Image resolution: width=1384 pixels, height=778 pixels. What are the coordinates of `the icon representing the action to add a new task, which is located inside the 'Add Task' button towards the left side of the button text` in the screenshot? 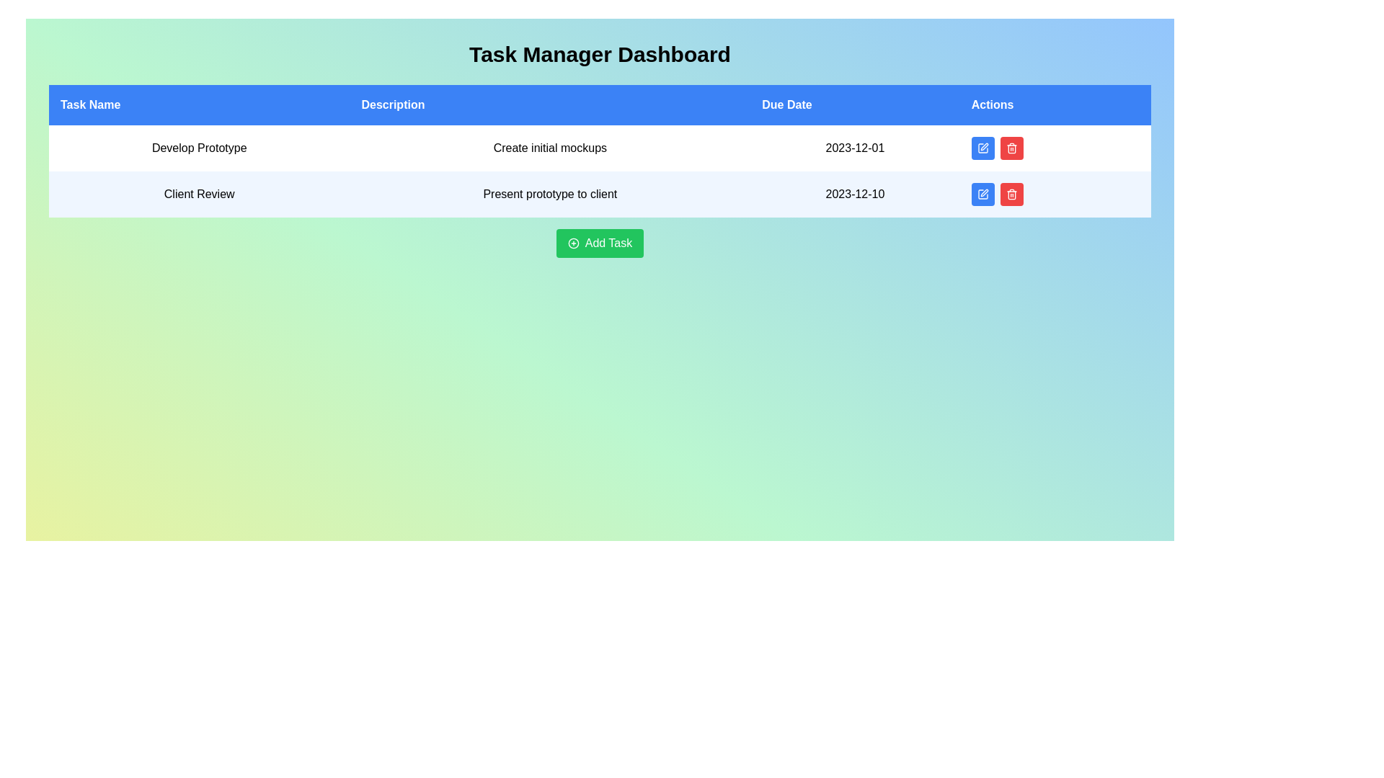 It's located at (572, 243).